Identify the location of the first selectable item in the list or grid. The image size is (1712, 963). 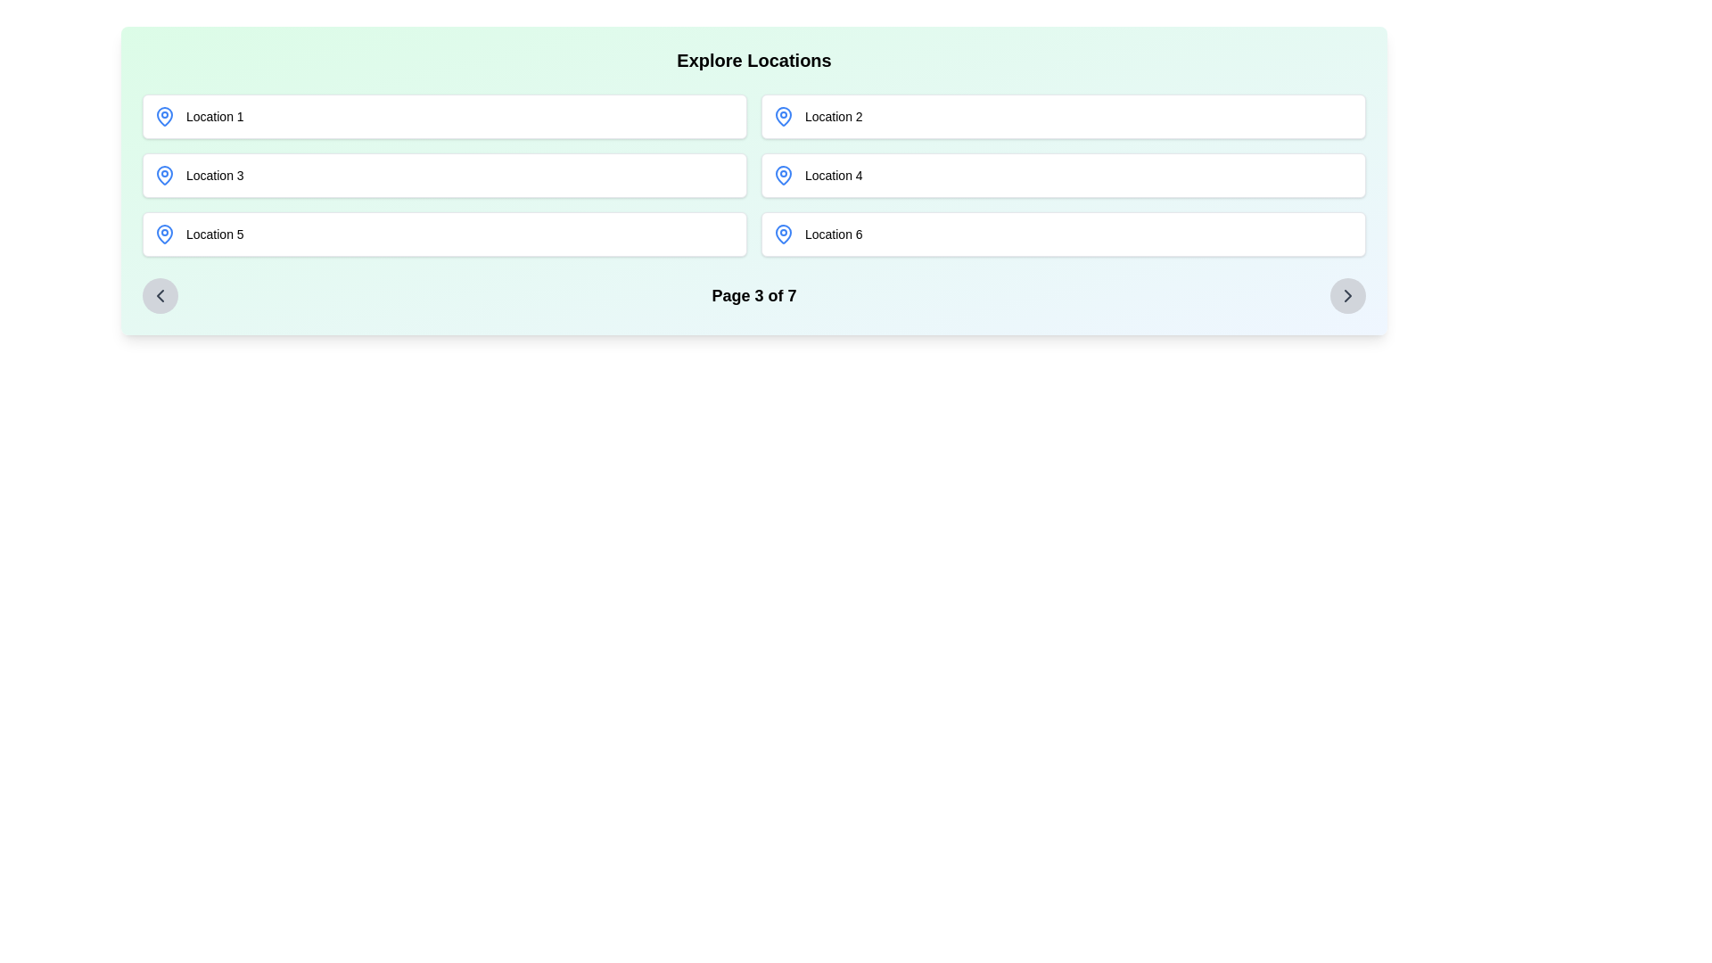
(445, 117).